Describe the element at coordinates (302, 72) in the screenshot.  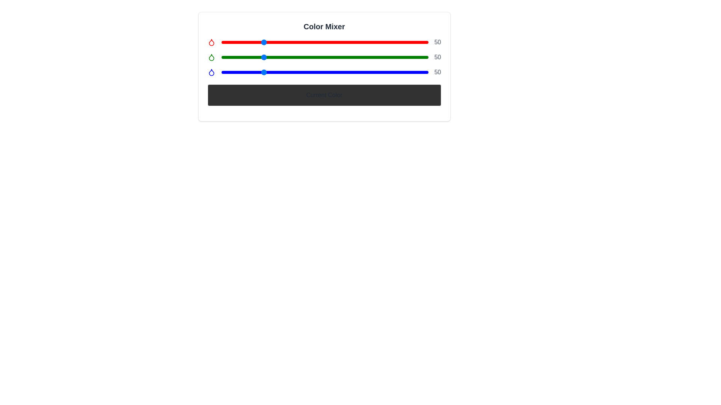
I see `the blue slider to set its value to 100` at that location.